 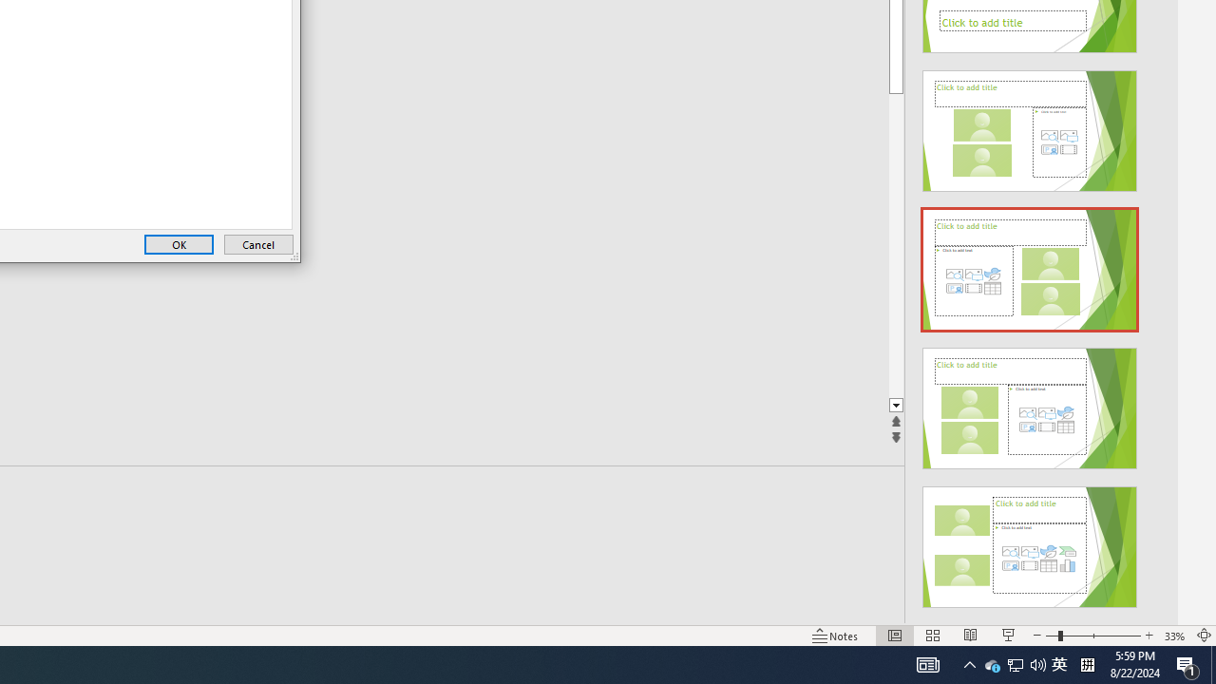 What do you see at coordinates (1174, 636) in the screenshot?
I see `'Zoom 33%'` at bounding box center [1174, 636].